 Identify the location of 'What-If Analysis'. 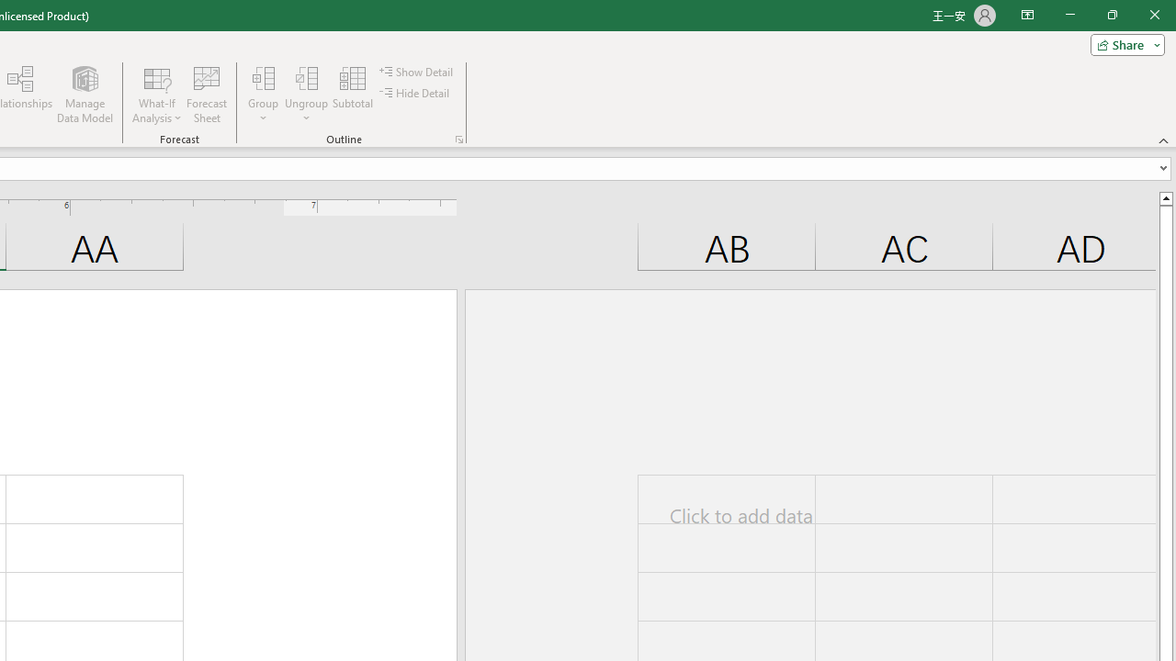
(157, 95).